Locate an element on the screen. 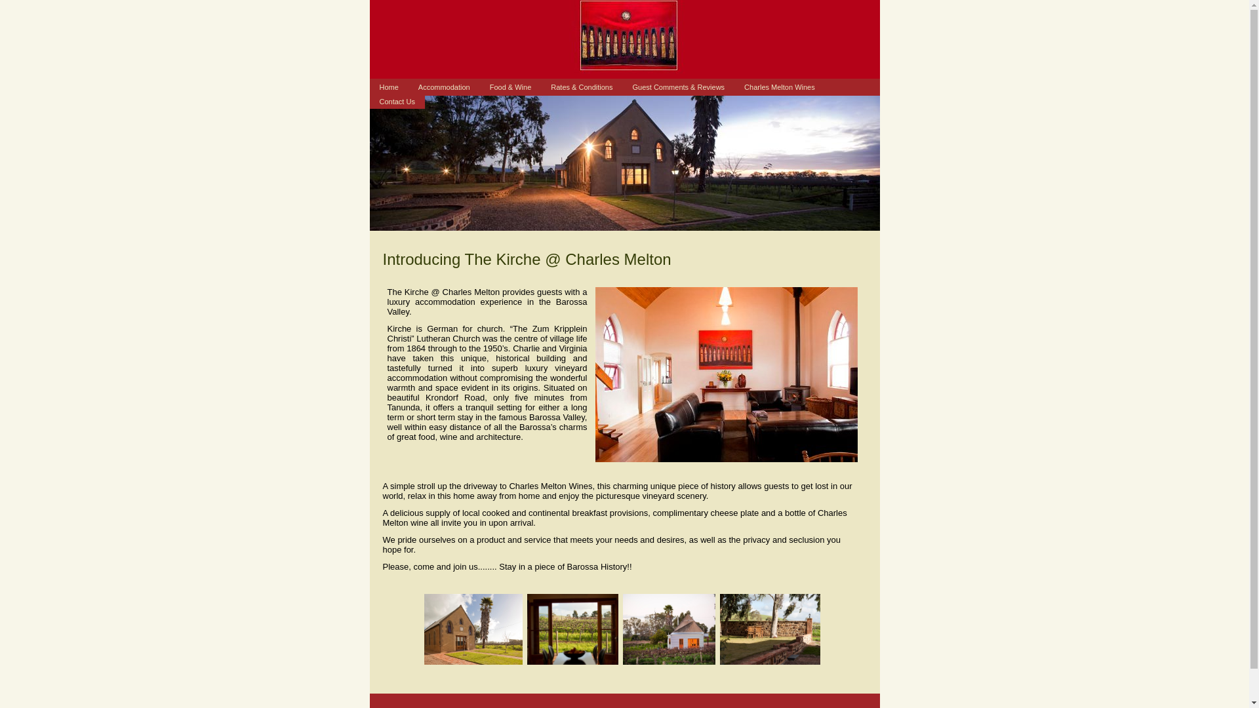  'Rates & Conditions' is located at coordinates (581, 87).